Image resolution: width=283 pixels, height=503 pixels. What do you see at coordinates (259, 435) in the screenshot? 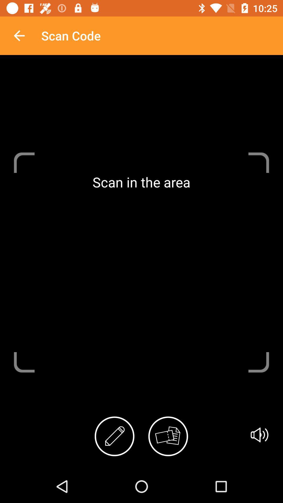
I see `item below the scan in the icon` at bounding box center [259, 435].